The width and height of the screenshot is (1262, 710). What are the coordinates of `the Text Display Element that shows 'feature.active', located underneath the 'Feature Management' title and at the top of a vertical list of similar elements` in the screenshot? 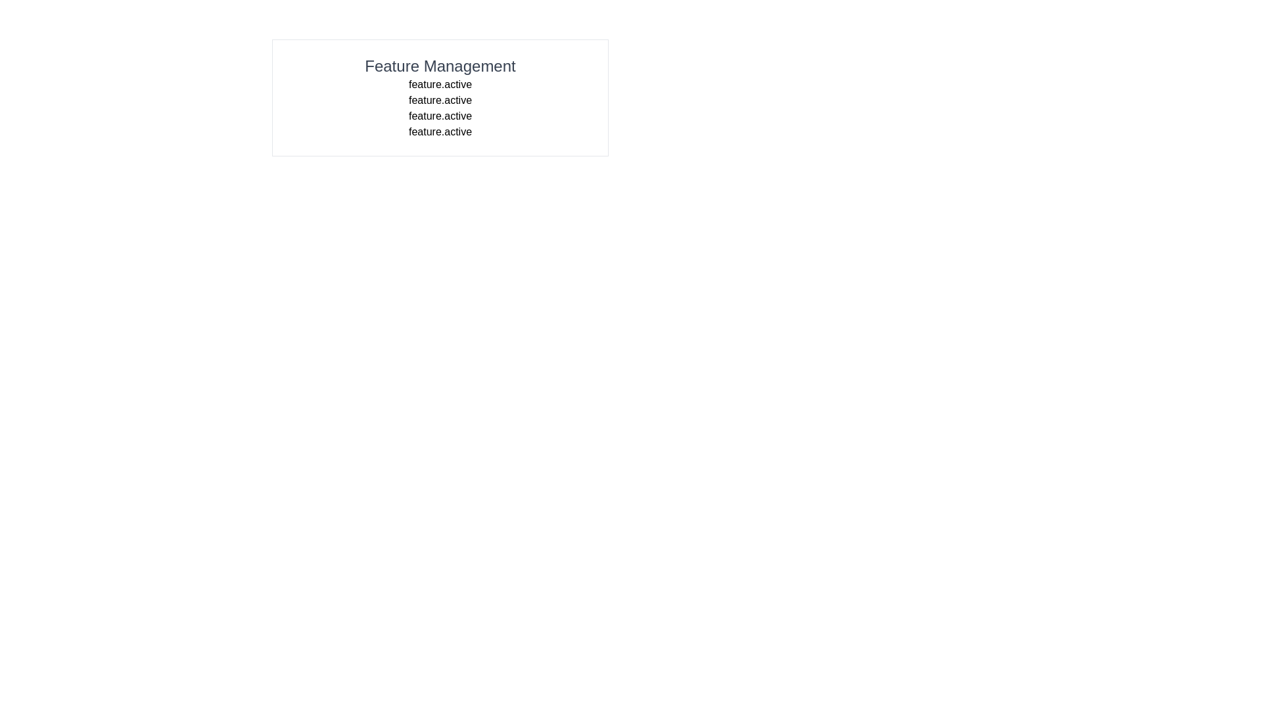 It's located at (440, 84).